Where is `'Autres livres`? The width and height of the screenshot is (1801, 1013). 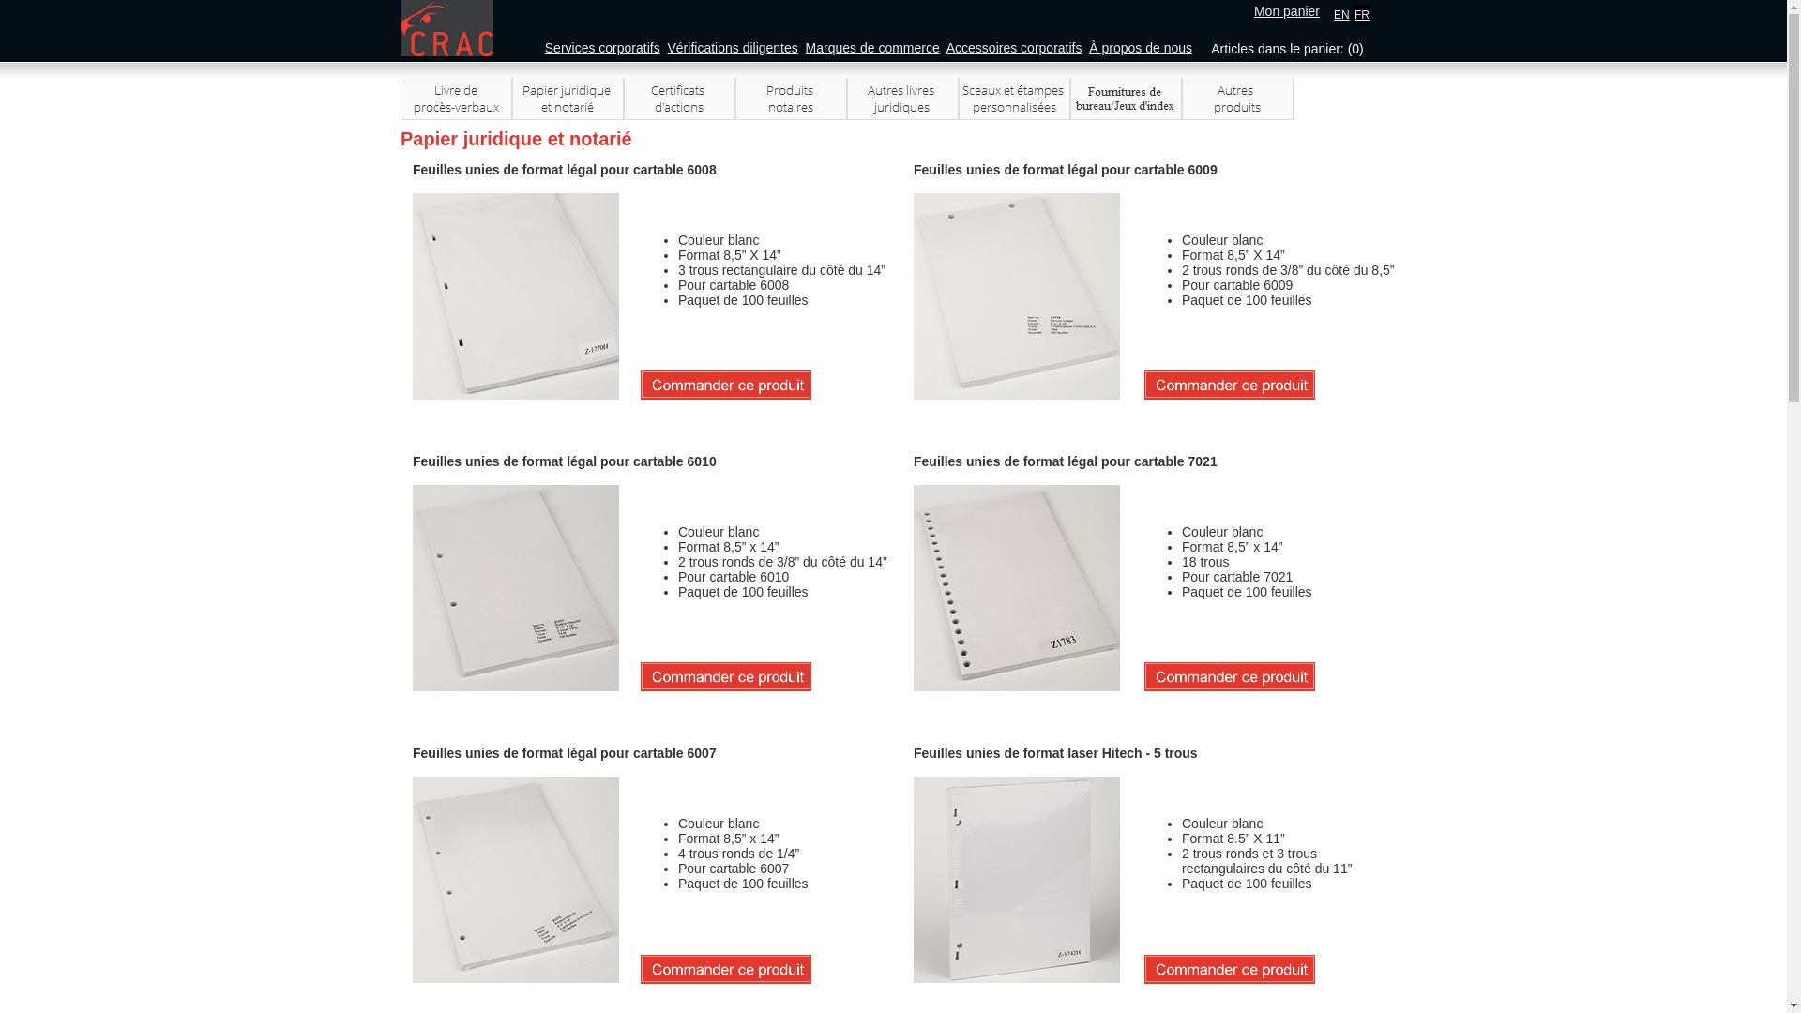 'Autres livres is located at coordinates (845, 98).